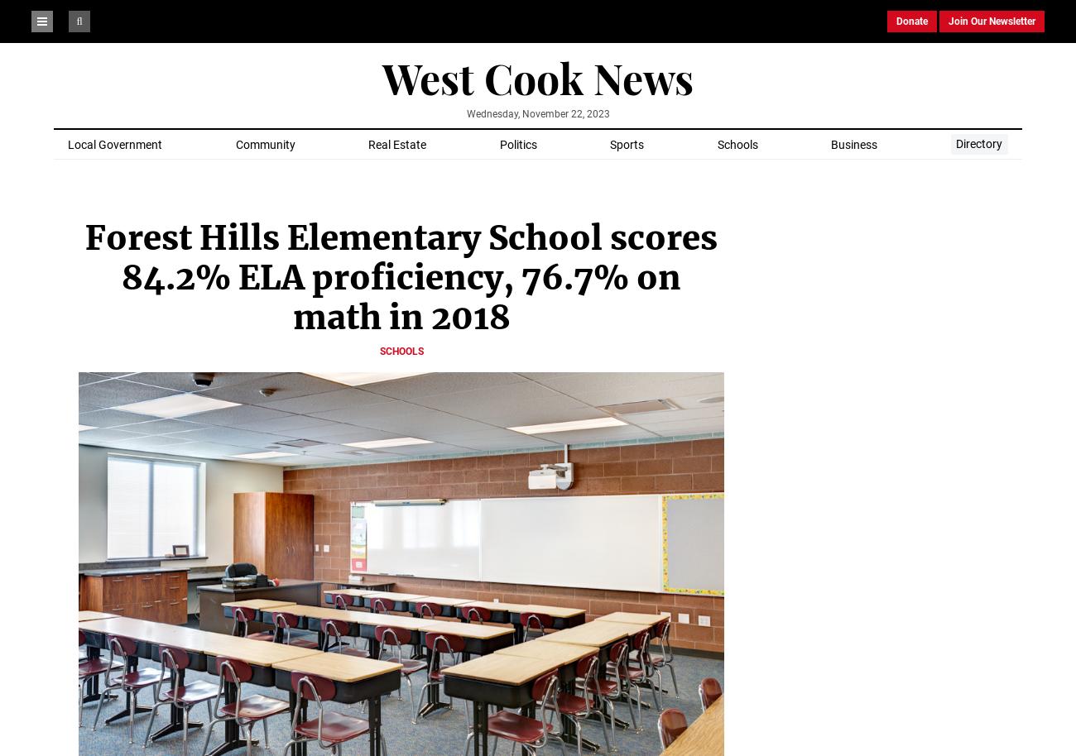  I want to click on 'Business', so click(853, 143).